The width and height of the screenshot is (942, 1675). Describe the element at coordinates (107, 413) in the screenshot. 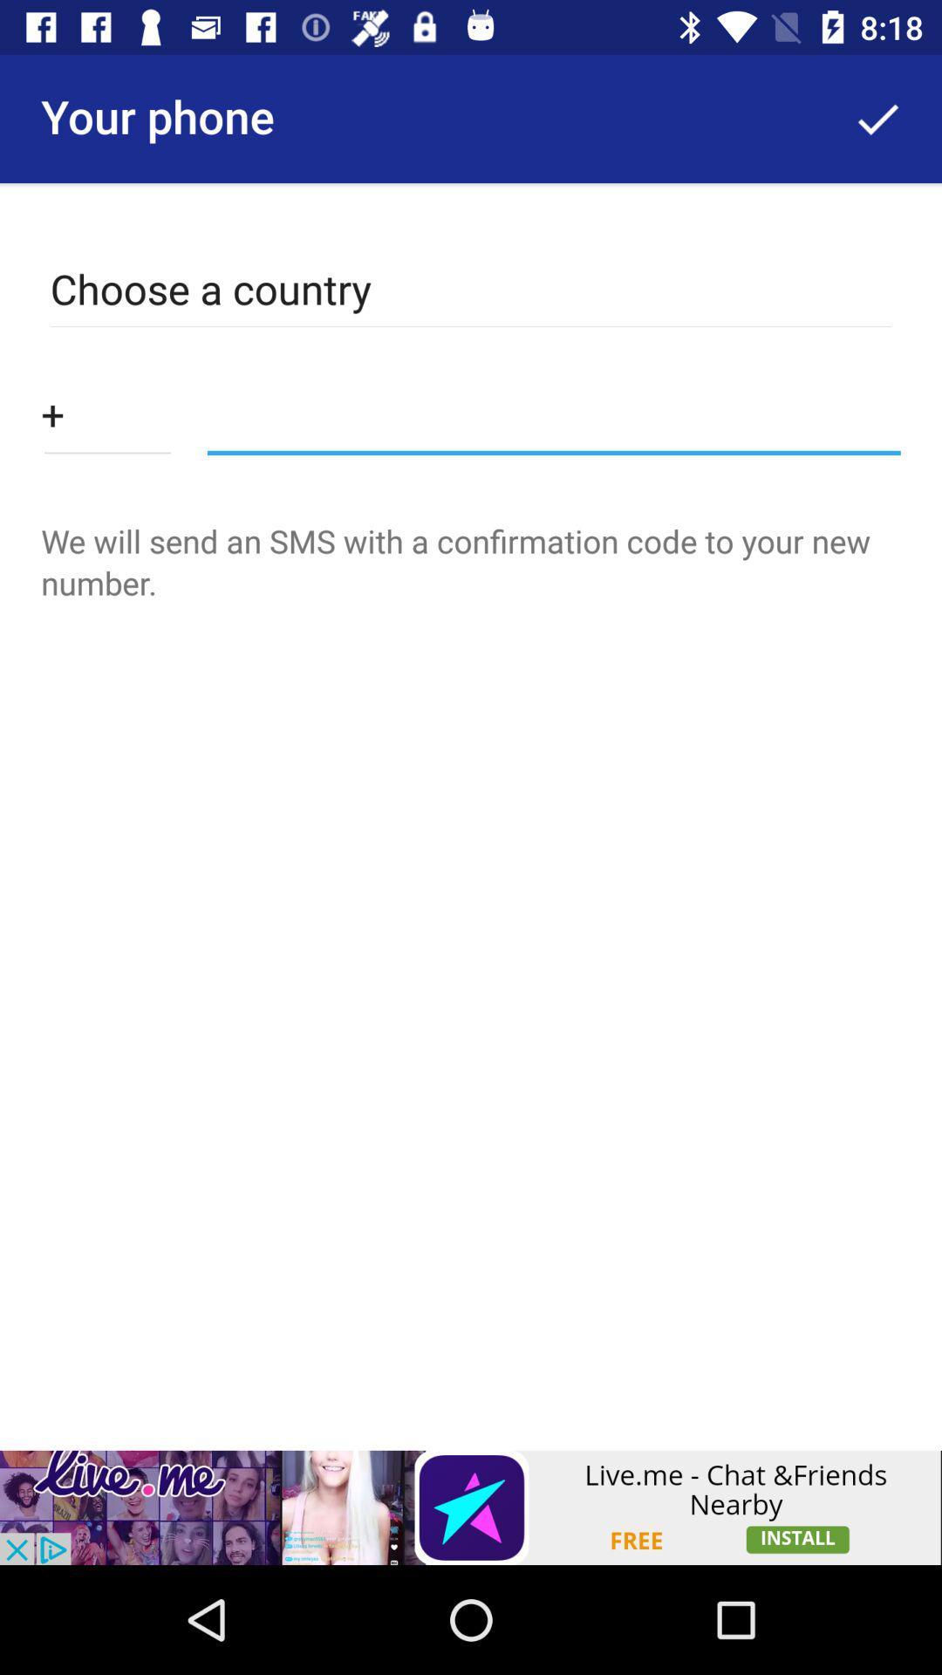

I see `see drop down menu` at that location.